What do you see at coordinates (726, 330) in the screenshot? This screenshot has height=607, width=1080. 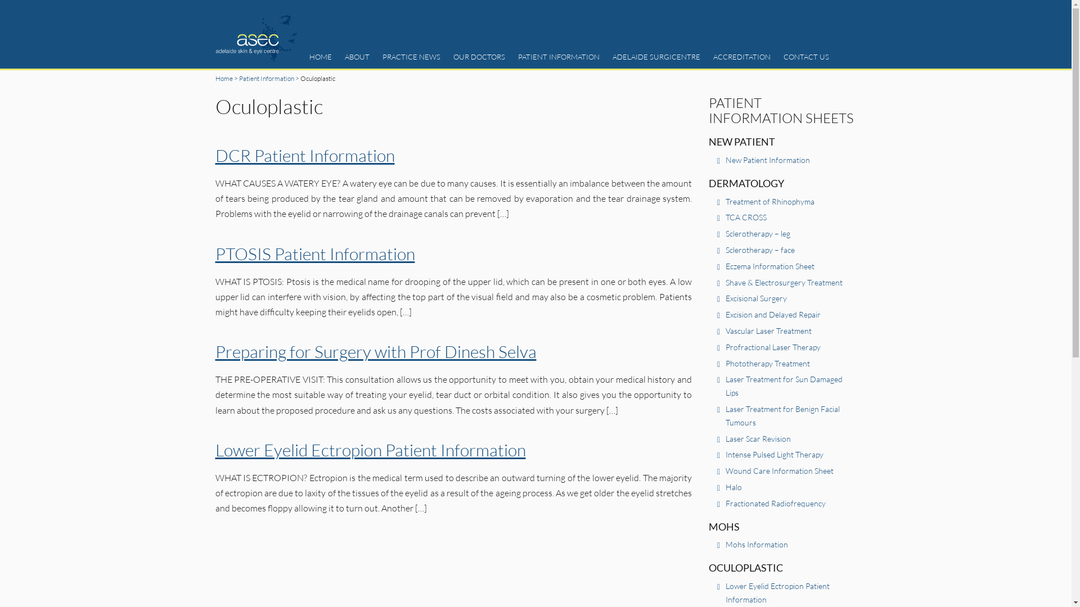 I see `'Vascular Laser Treatment'` at bounding box center [726, 330].